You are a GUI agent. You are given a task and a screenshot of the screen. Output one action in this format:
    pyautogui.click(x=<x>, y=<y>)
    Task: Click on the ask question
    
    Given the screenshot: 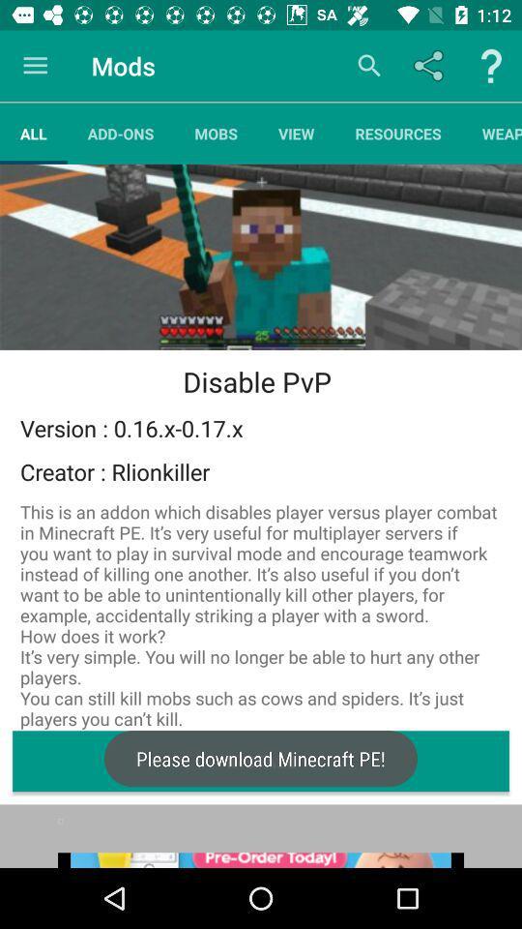 What is the action you would take?
    pyautogui.click(x=491, y=66)
    